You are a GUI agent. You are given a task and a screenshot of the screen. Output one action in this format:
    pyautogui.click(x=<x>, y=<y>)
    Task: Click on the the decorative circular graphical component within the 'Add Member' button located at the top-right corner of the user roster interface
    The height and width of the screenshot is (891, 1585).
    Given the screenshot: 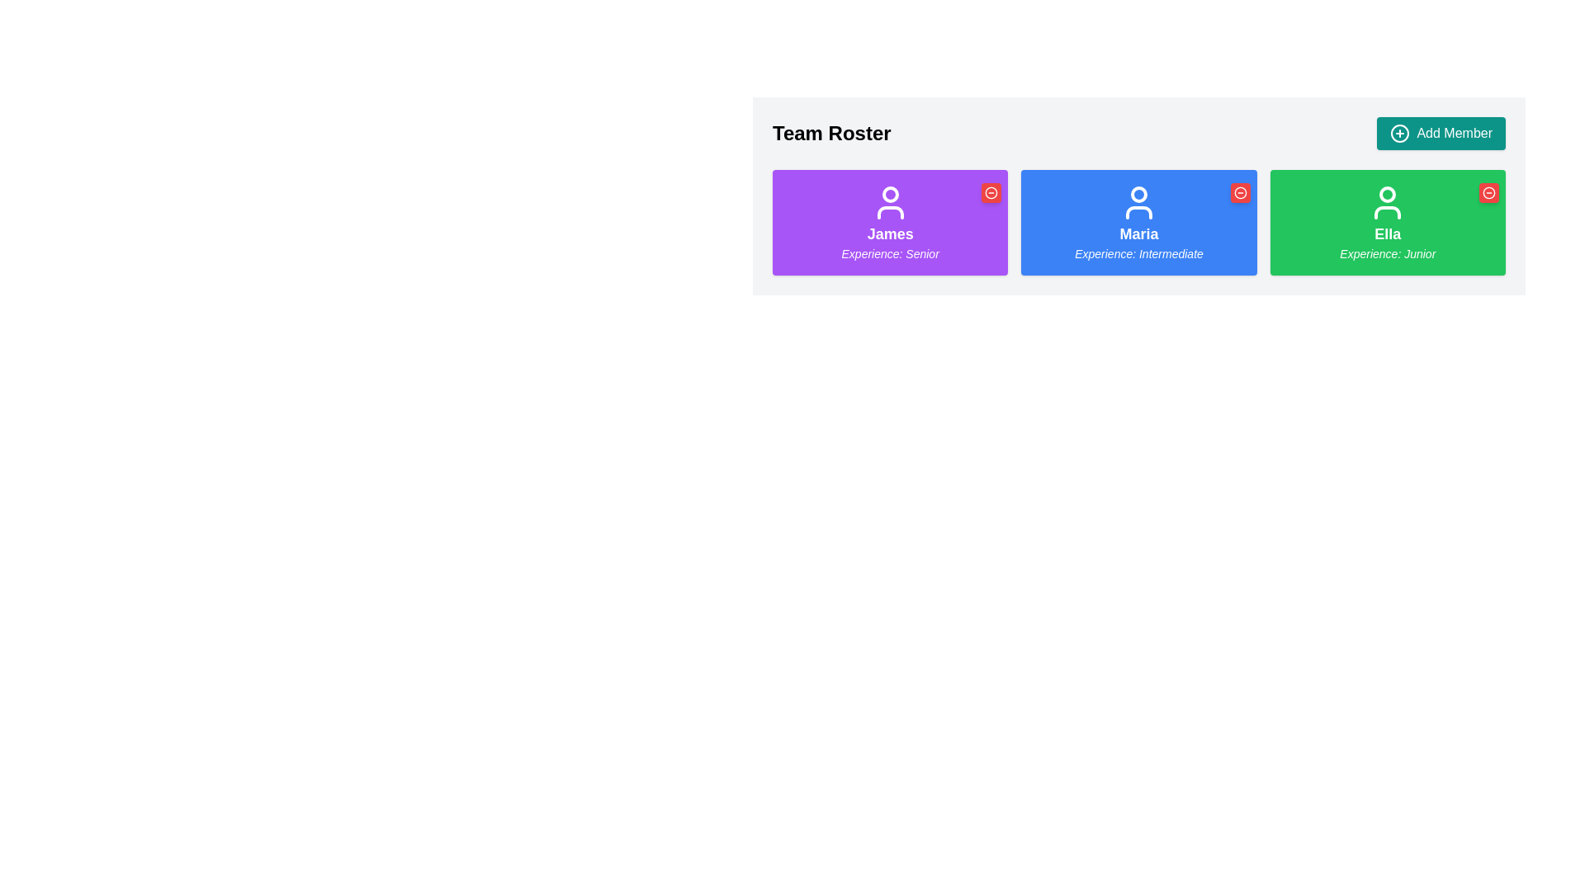 What is the action you would take?
    pyautogui.click(x=1399, y=133)
    